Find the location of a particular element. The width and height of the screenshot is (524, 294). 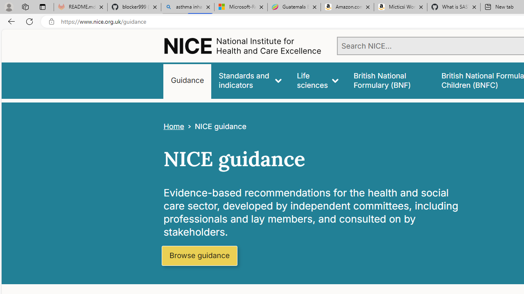

'Home' is located at coordinates (173, 126).